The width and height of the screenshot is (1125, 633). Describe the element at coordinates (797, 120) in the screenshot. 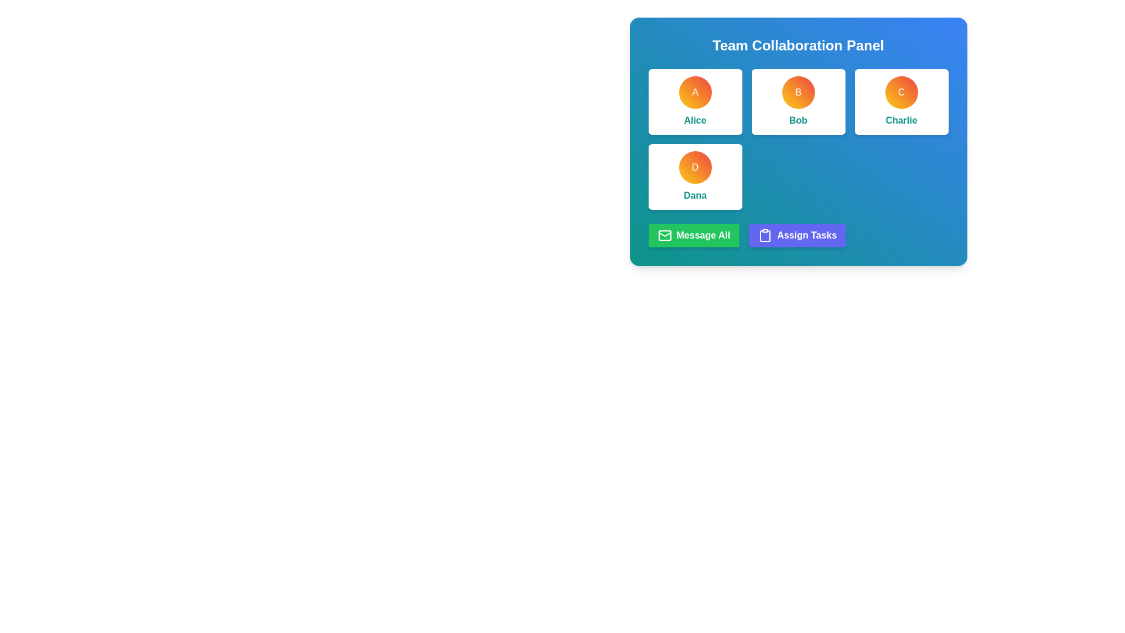

I see `the text label 'Bob' located under the profile element with the letter 'B'` at that location.